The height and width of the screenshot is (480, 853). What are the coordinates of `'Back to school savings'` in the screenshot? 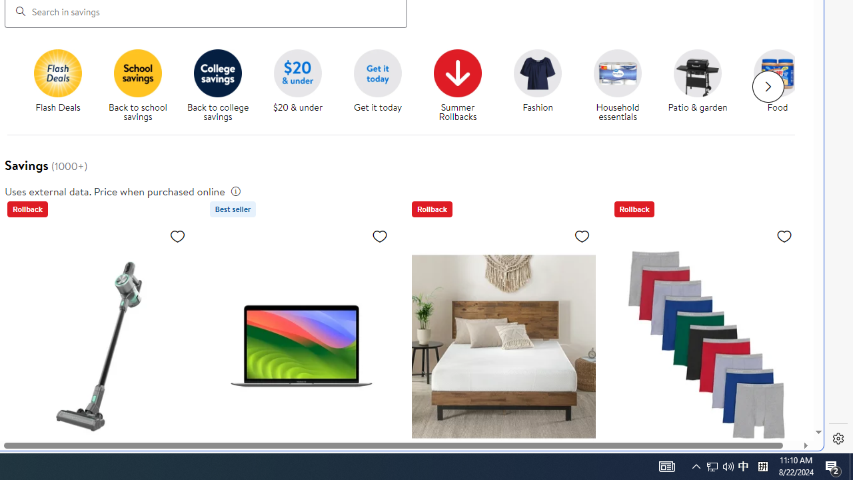 It's located at (143, 86).